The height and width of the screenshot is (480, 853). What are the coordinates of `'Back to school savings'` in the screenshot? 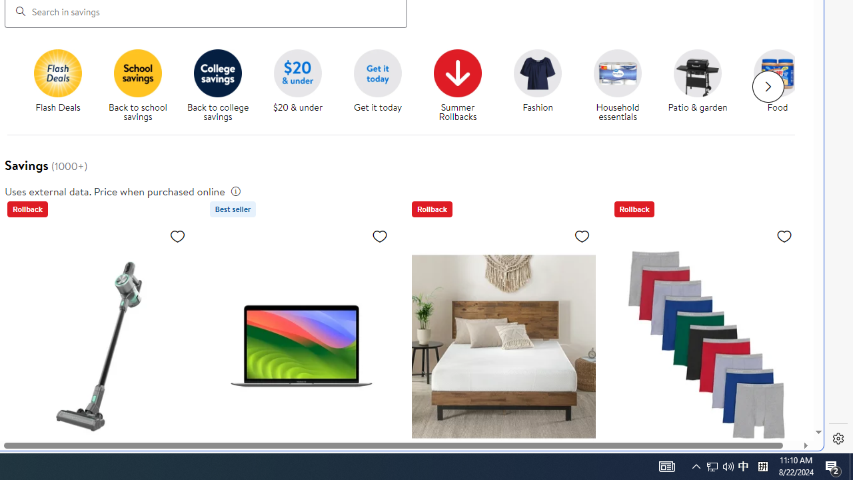 It's located at (143, 86).